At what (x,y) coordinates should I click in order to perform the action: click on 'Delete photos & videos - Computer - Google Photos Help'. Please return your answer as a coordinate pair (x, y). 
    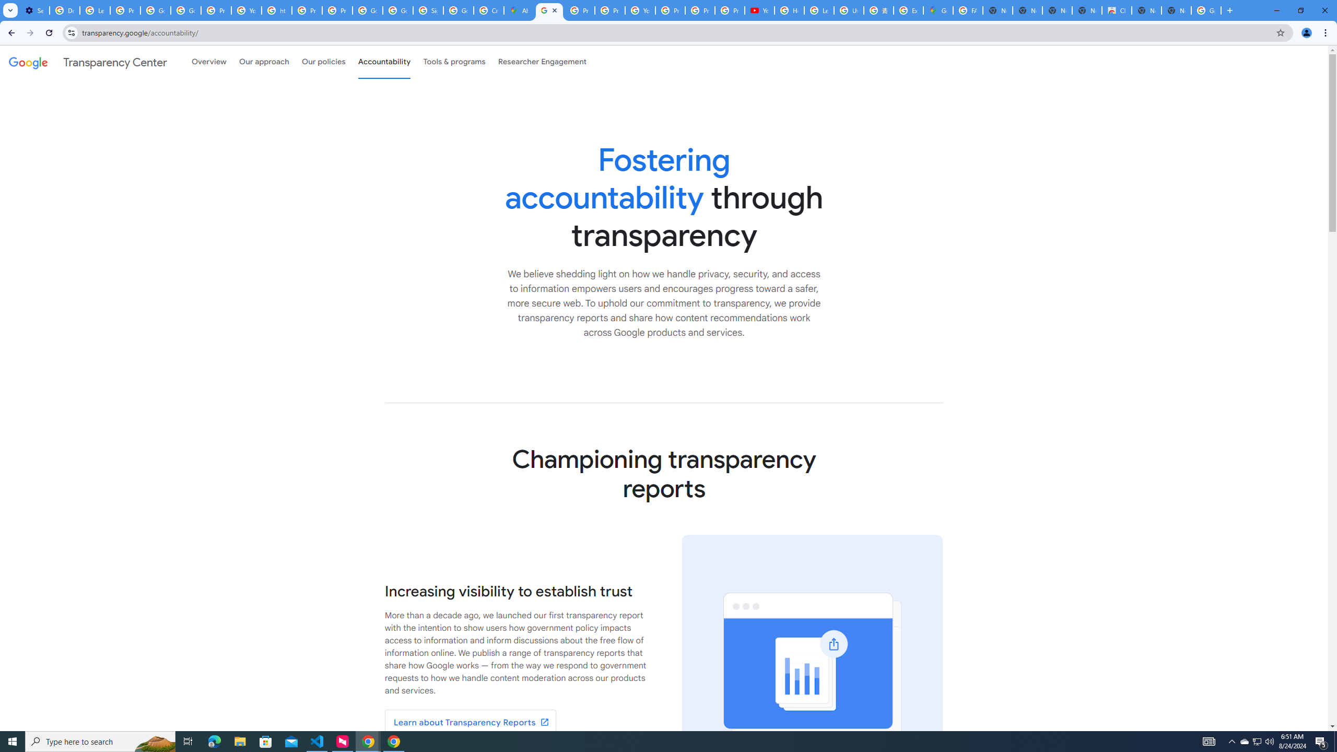
    Looking at the image, I should click on (64, 10).